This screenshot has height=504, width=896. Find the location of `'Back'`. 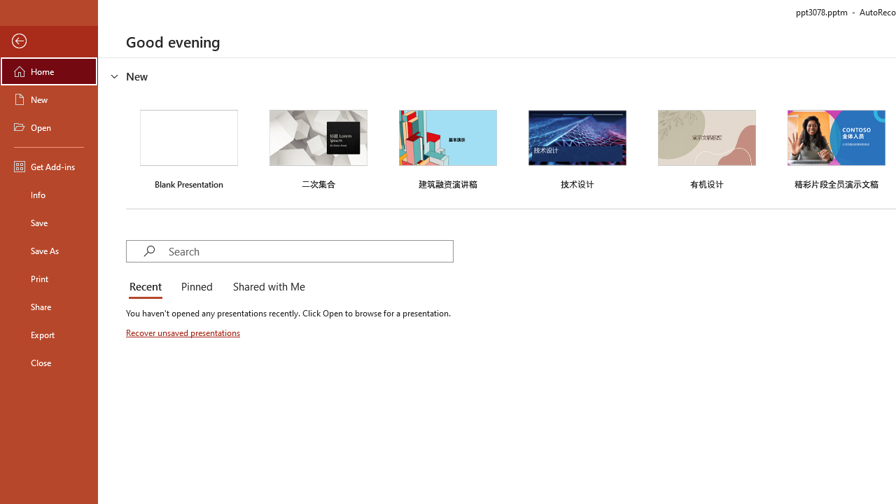

'Back' is located at coordinates (48, 41).